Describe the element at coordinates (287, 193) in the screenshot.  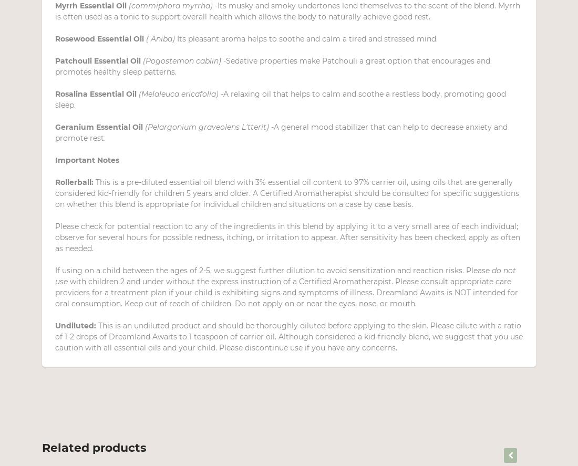
I see `'This is a pre-diluted essential oil blend with 3% essential oil content to 97% carrier oil, using oils that are generally considered kid-friendly for children 5 years and older. A Certified Aromatherapist should be consulted for specific suggestions on whether this blend is appropriate for individual children and situations on a case by case basis.'` at that location.